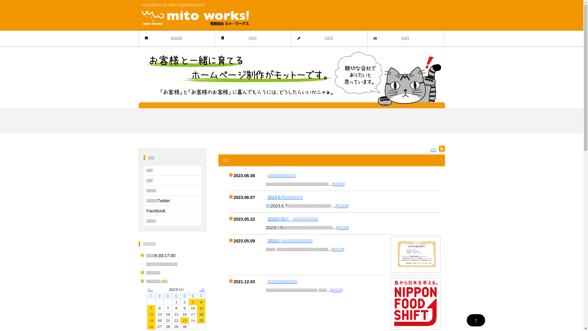 This screenshot has width=588, height=331. What do you see at coordinates (171, 210) in the screenshot?
I see `'Facebook'` at bounding box center [171, 210].